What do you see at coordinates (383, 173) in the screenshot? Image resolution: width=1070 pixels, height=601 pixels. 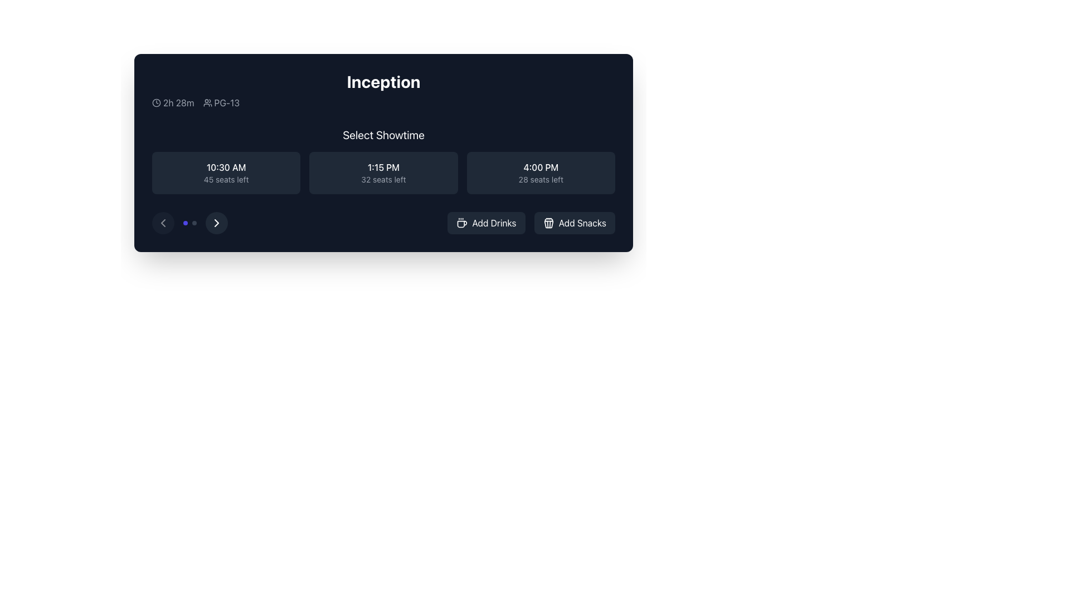 I see `the middle showtime button that displays the time and available seats, which is located under the 'Select Showtime' title` at bounding box center [383, 173].